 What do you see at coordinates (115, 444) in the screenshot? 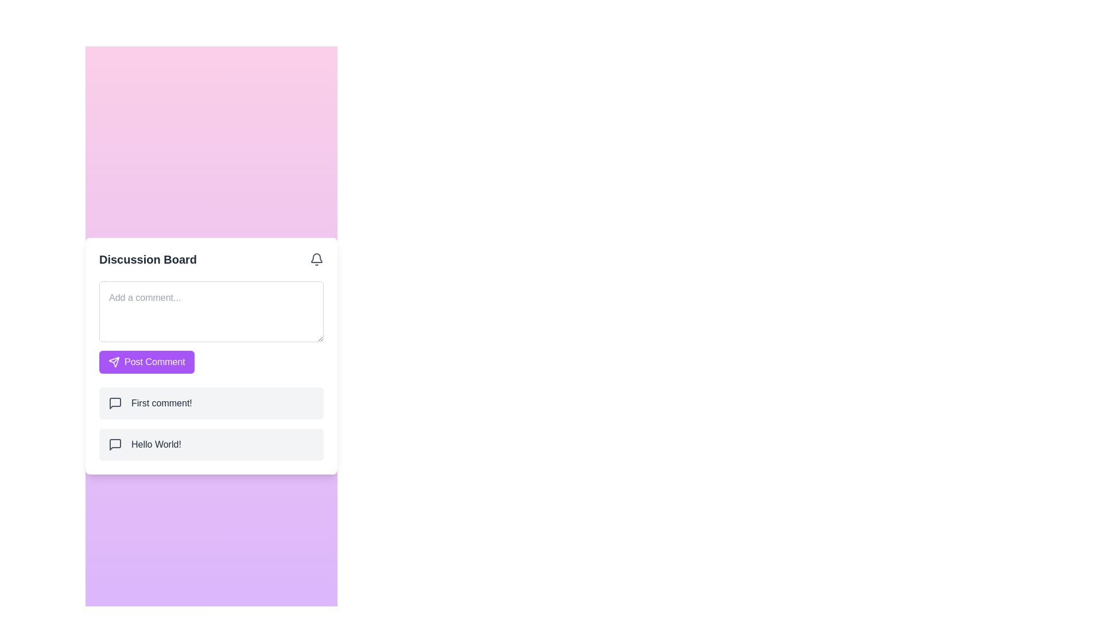
I see `the speech bubble icon located next to the text 'Hello World!' in the second comment of the discussion board interface` at bounding box center [115, 444].